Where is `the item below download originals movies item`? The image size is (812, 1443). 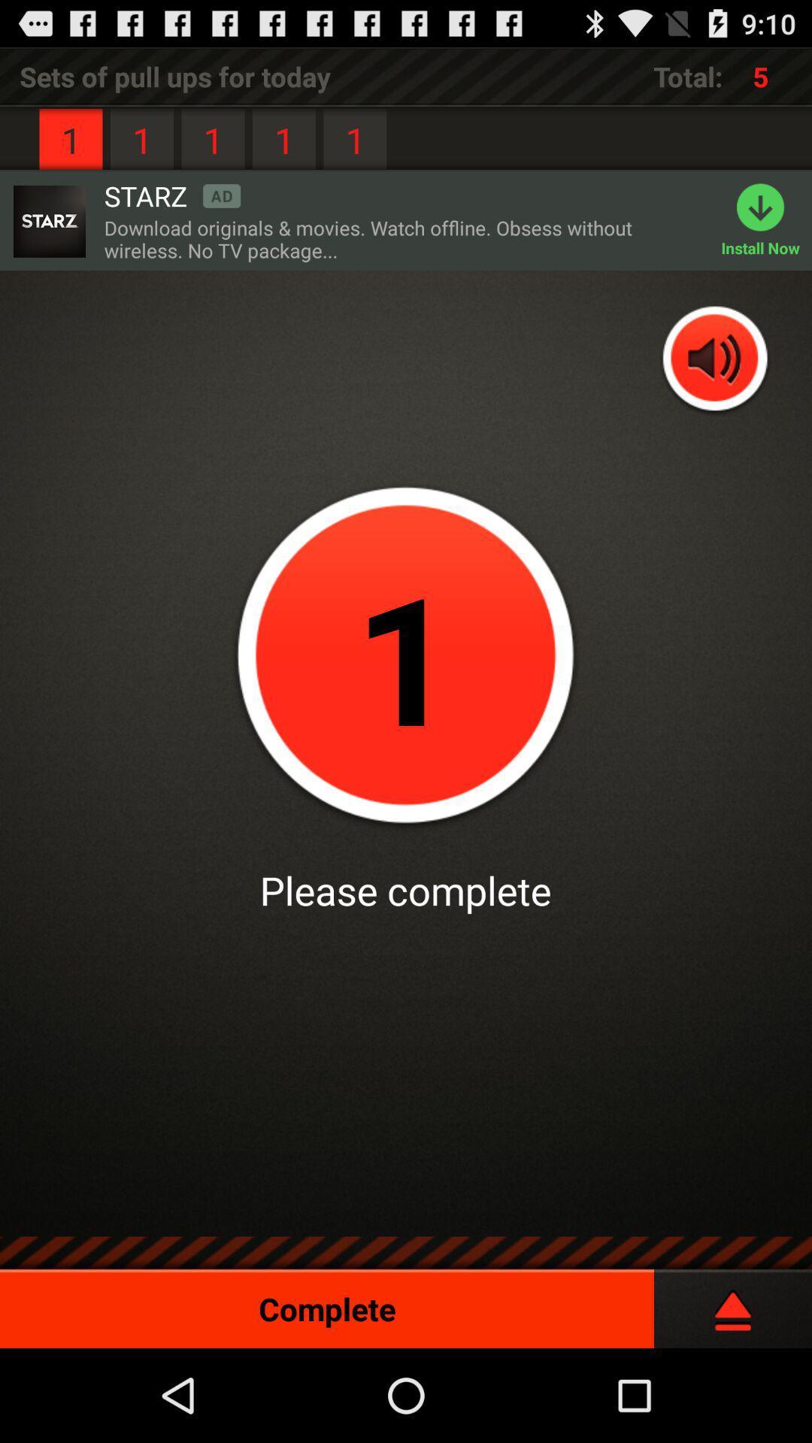 the item below download originals movies item is located at coordinates (715, 359).